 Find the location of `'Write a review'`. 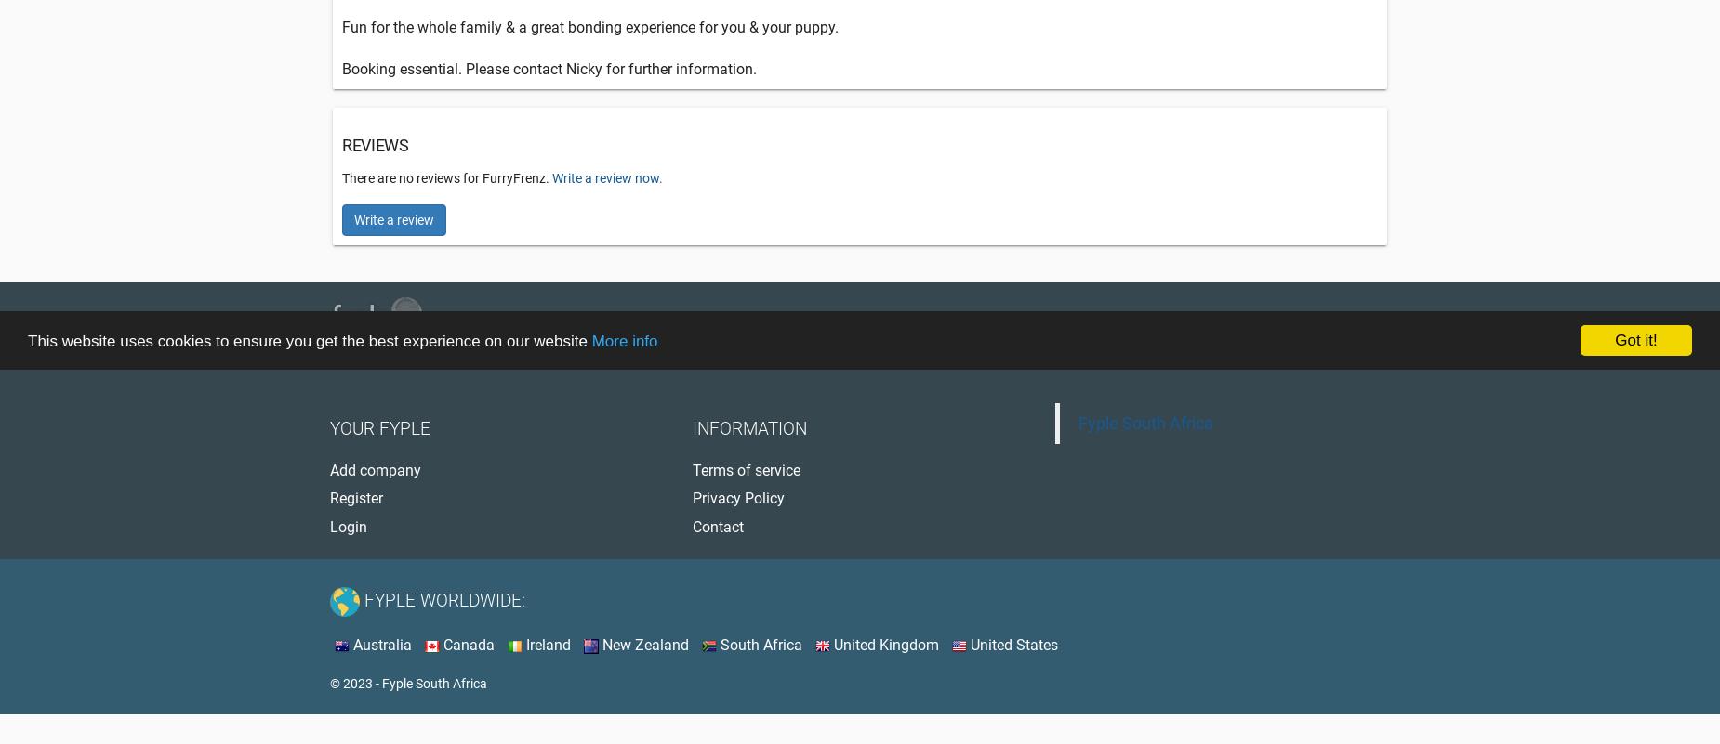

'Write a review' is located at coordinates (393, 218).